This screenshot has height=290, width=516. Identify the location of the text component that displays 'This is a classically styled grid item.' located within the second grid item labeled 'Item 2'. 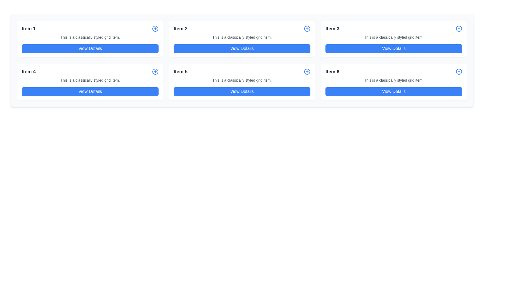
(242, 37).